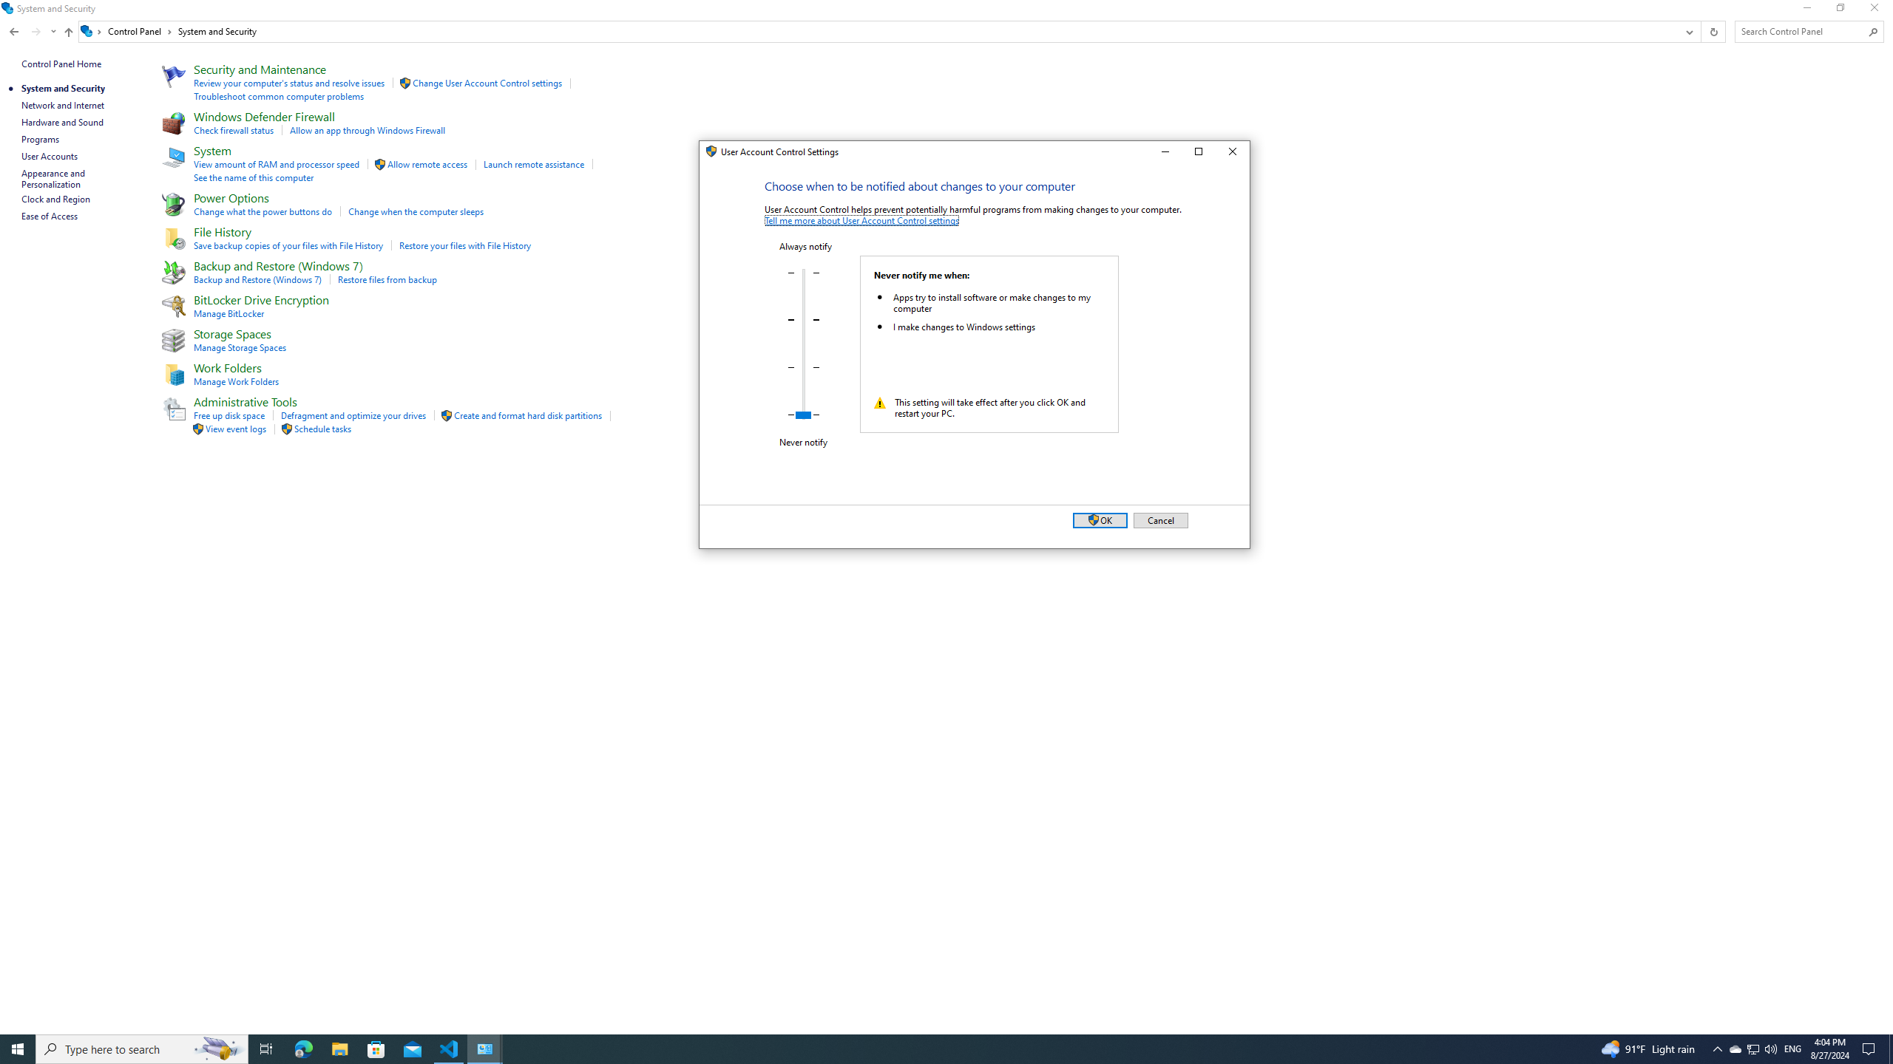 This screenshot has height=1064, width=1893. I want to click on 'Microsoft Store', so click(376, 1048).